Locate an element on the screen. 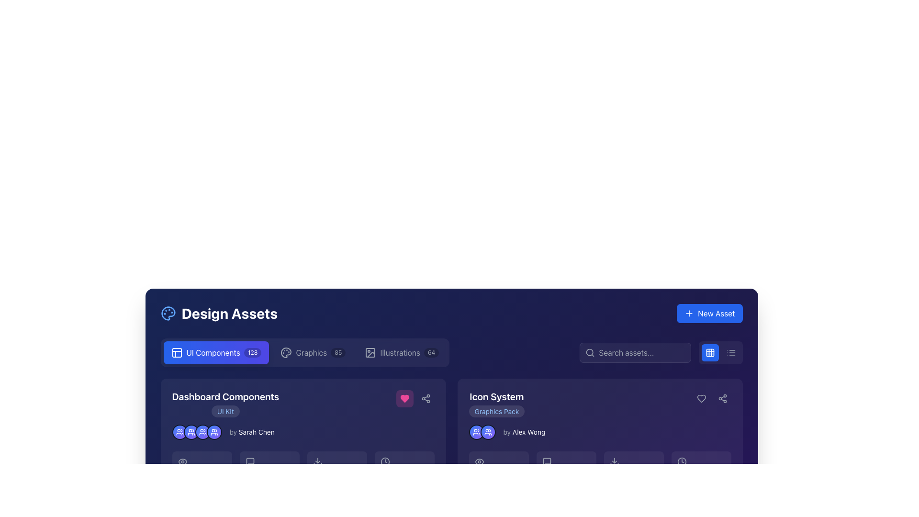 This screenshot has width=919, height=517. the static text label displaying 'Sarah Chen', which is styled in white and part of the attribution text 'by Sarah Chen' within the 'UI Components' tab below the 'Dashboard Components' section is located at coordinates (257, 432).